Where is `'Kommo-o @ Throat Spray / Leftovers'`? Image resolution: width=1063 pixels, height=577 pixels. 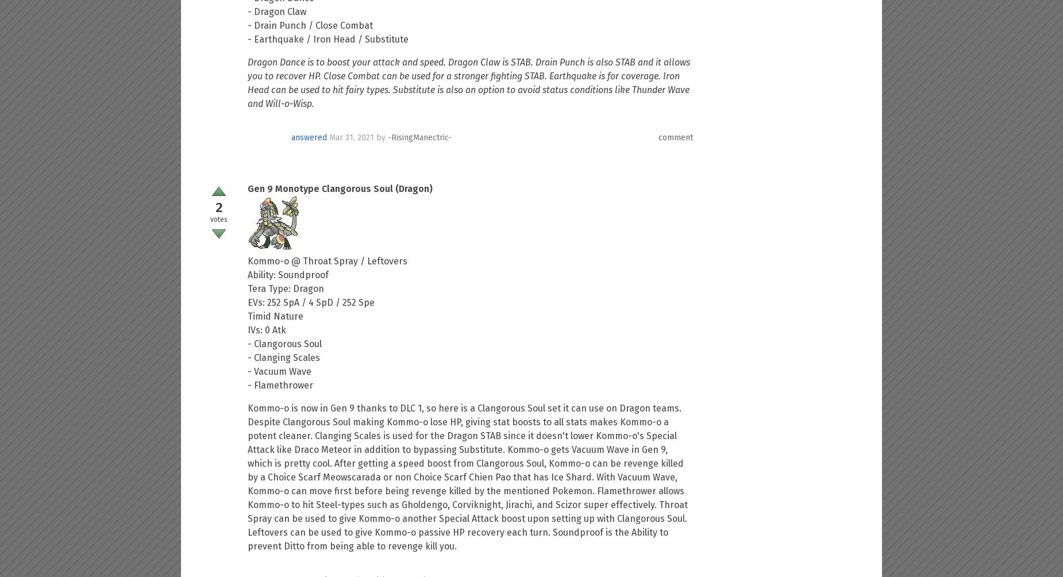
'Kommo-o @ Throat Spray / Leftovers' is located at coordinates (247, 260).